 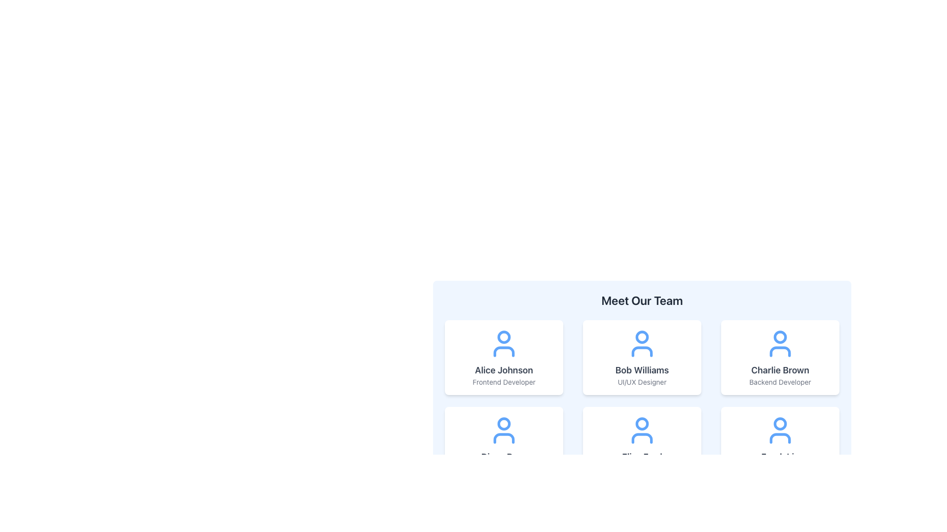 What do you see at coordinates (780, 357) in the screenshot?
I see `the Profile Card displaying individual information, located in the third column of the first row within a grid of six profile cards` at bounding box center [780, 357].